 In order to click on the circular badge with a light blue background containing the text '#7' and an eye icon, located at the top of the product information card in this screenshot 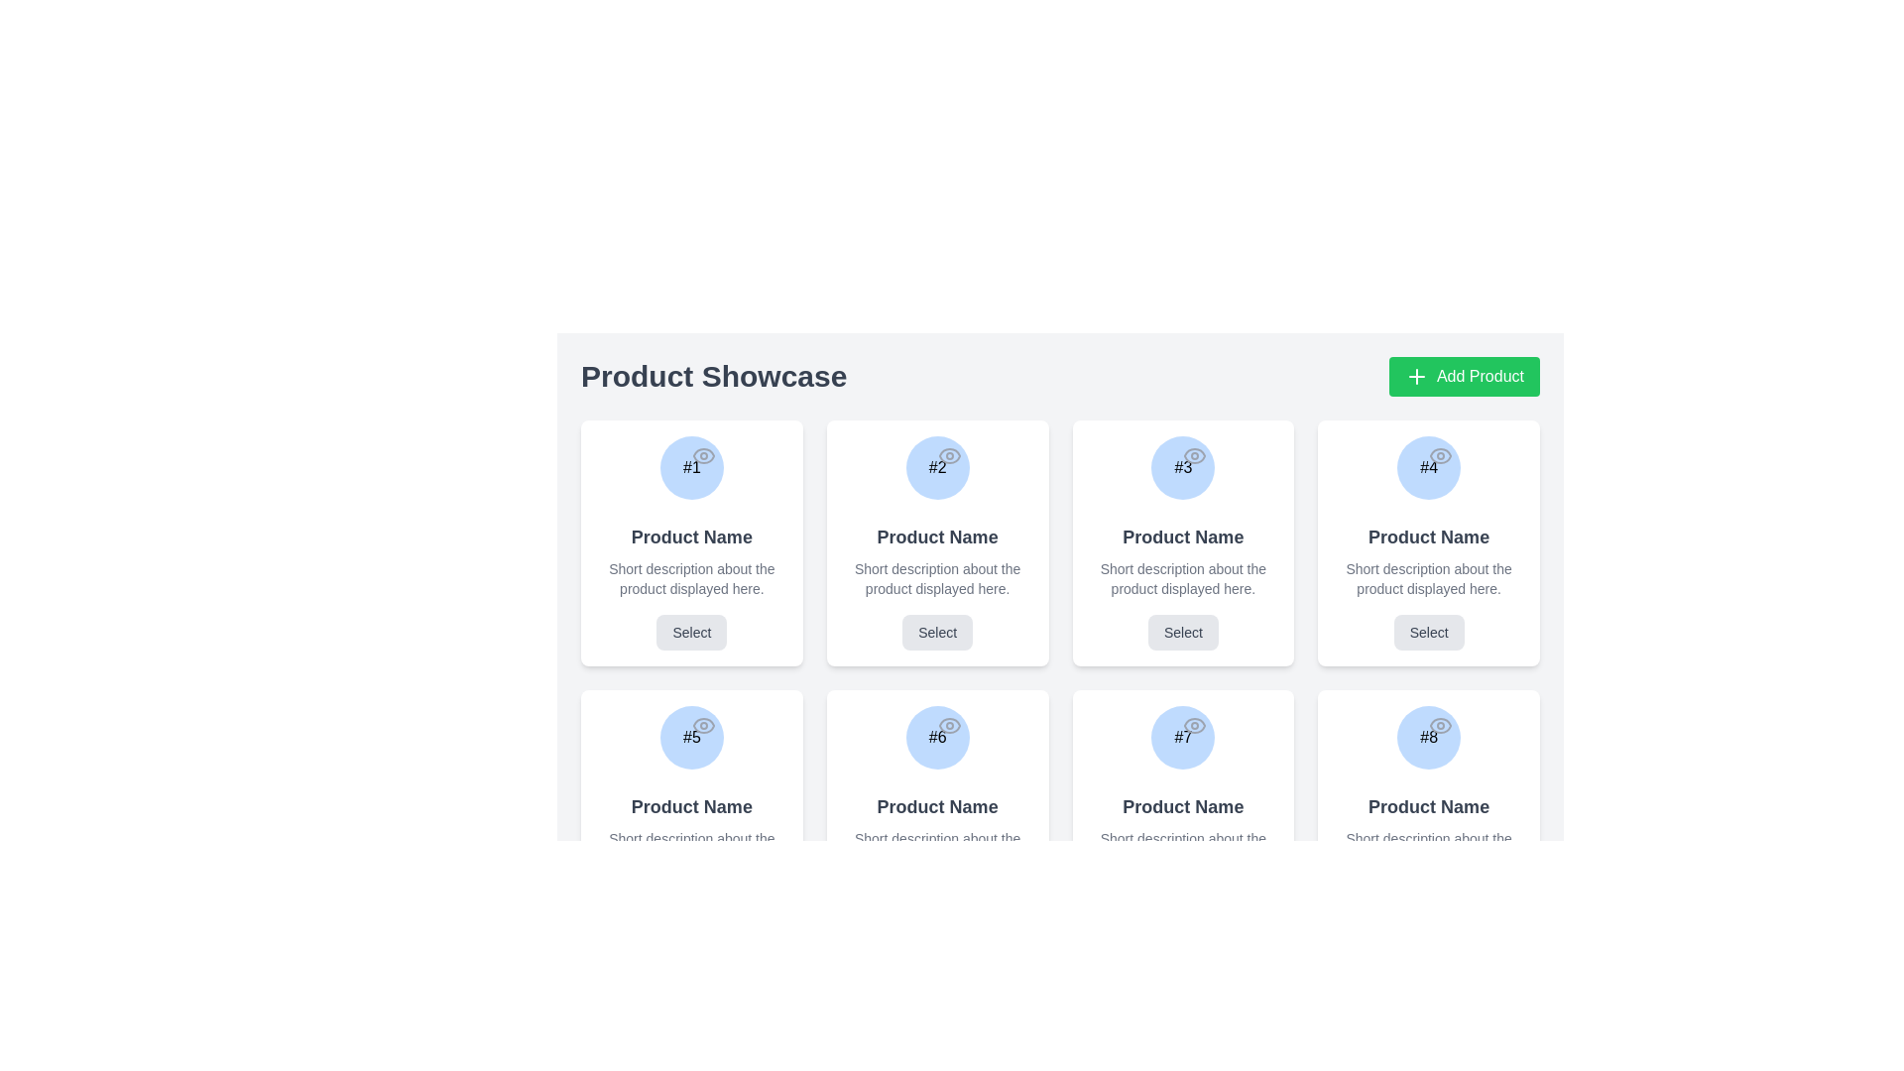, I will do `click(1183, 738)`.